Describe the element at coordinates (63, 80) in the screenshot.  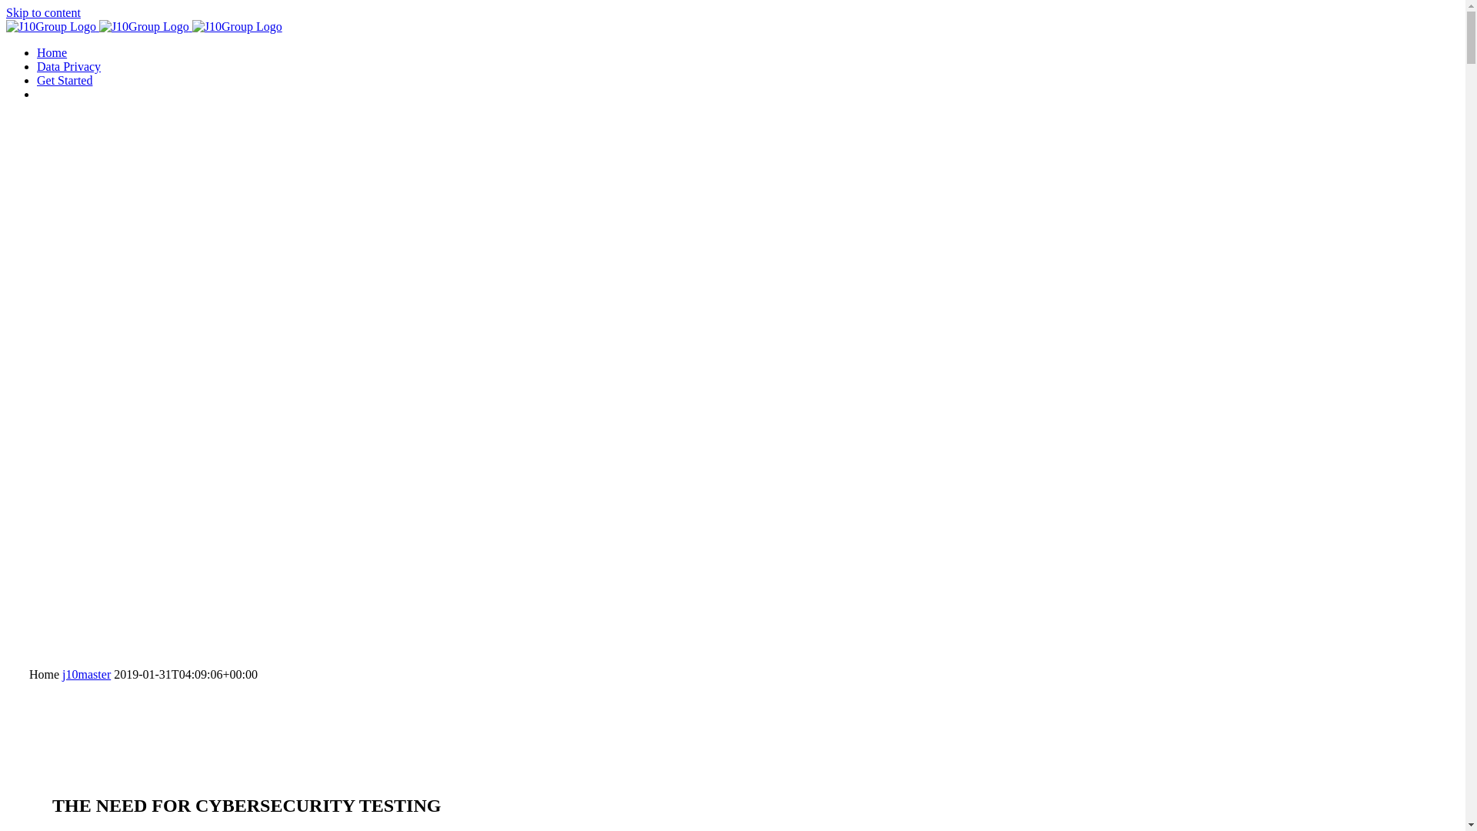
I see `'Get Started'` at that location.